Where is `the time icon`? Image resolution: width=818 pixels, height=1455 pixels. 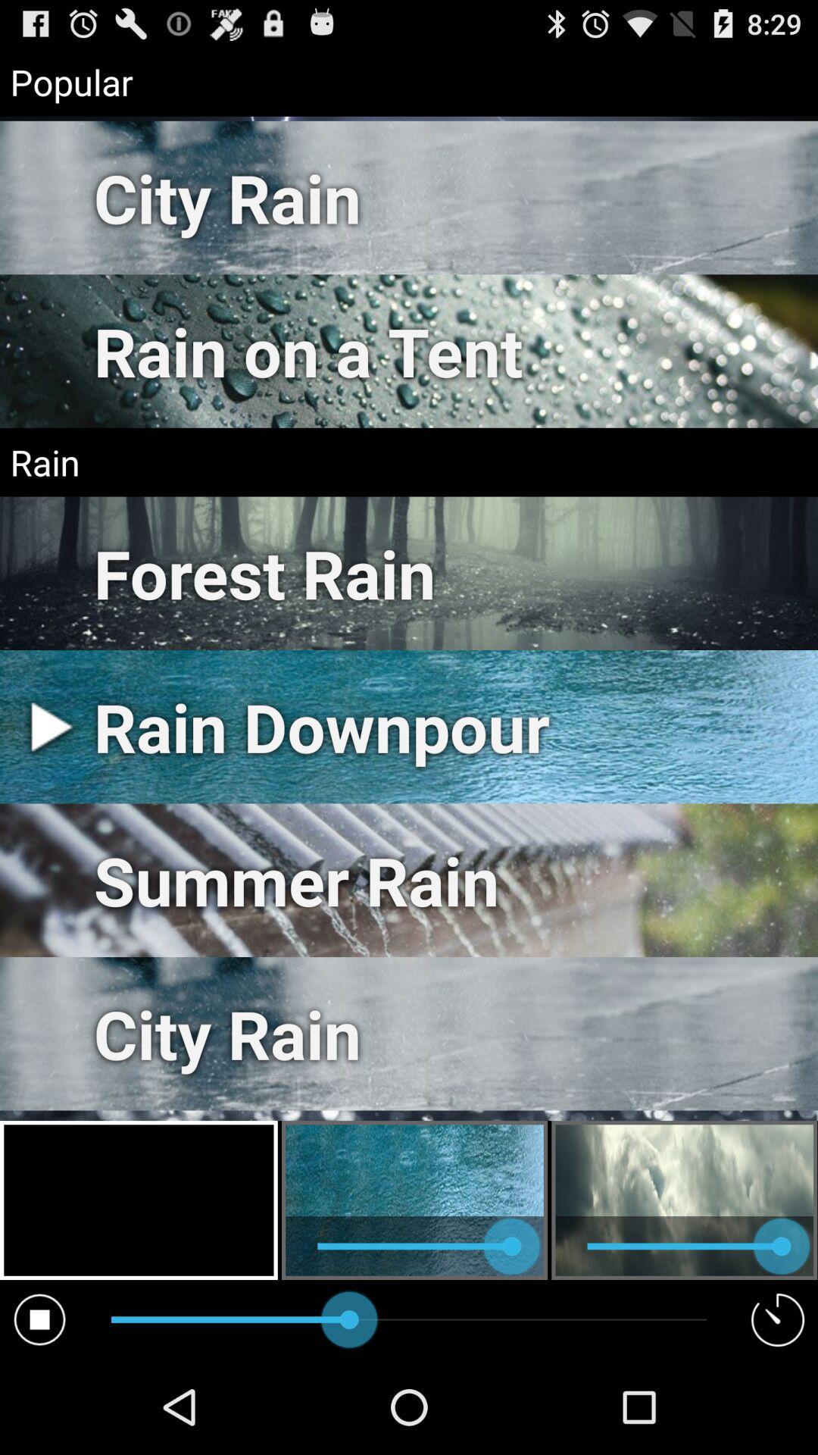 the time icon is located at coordinates (778, 1411).